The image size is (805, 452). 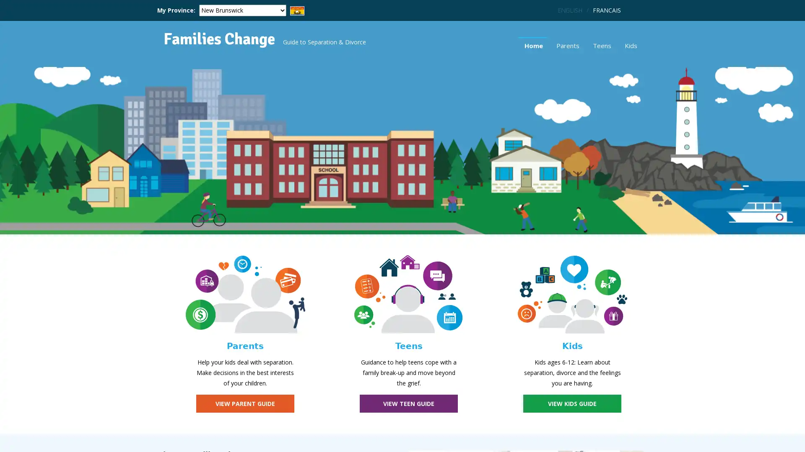 What do you see at coordinates (245, 403) in the screenshot?
I see `VIEW PARENT GUIDE` at bounding box center [245, 403].